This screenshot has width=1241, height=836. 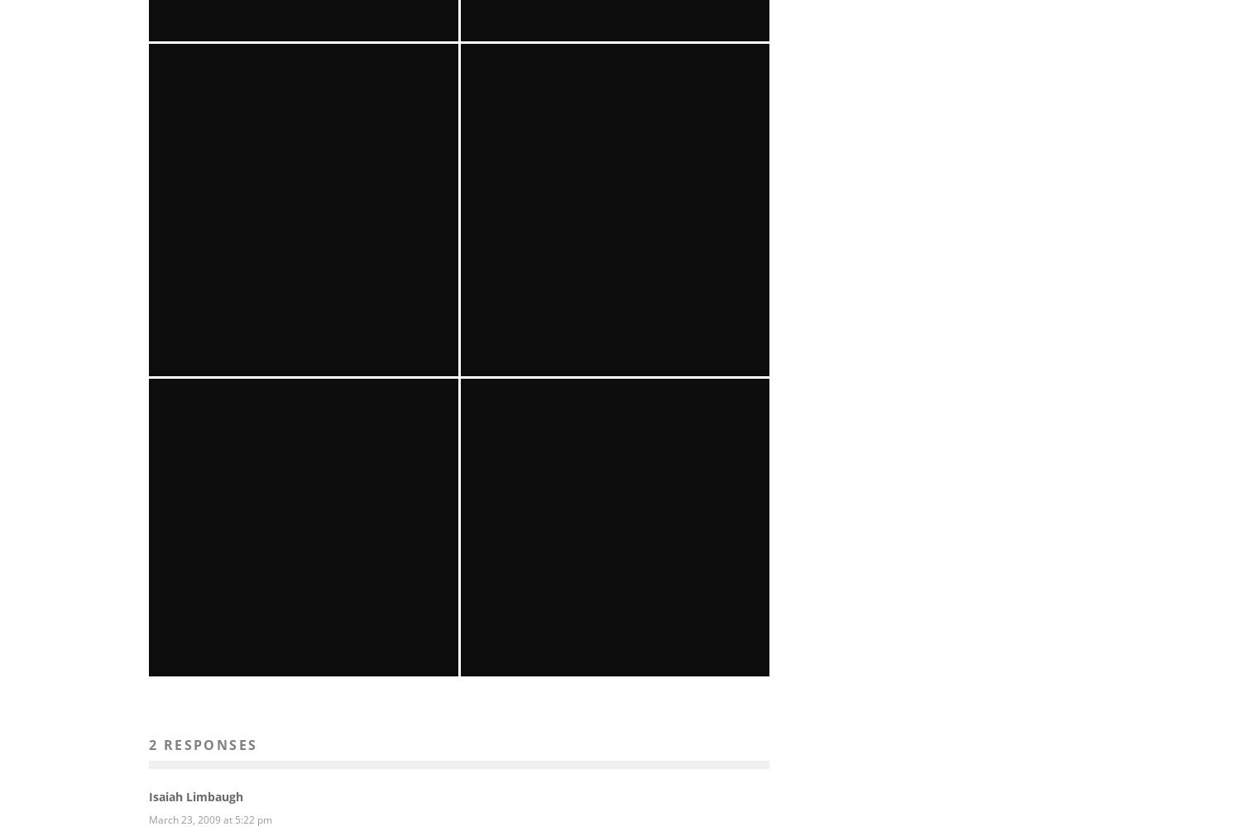 What do you see at coordinates (207, 741) in the screenshot?
I see `'Eric Farwell'` at bounding box center [207, 741].